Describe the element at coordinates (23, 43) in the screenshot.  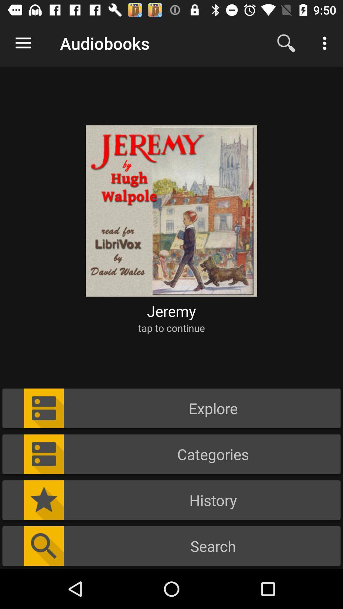
I see `the item to the left of the audiobooks` at that location.